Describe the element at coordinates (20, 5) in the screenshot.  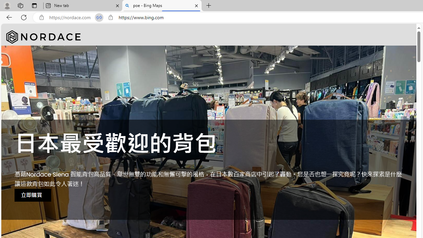
I see `'Workspaces'` at that location.